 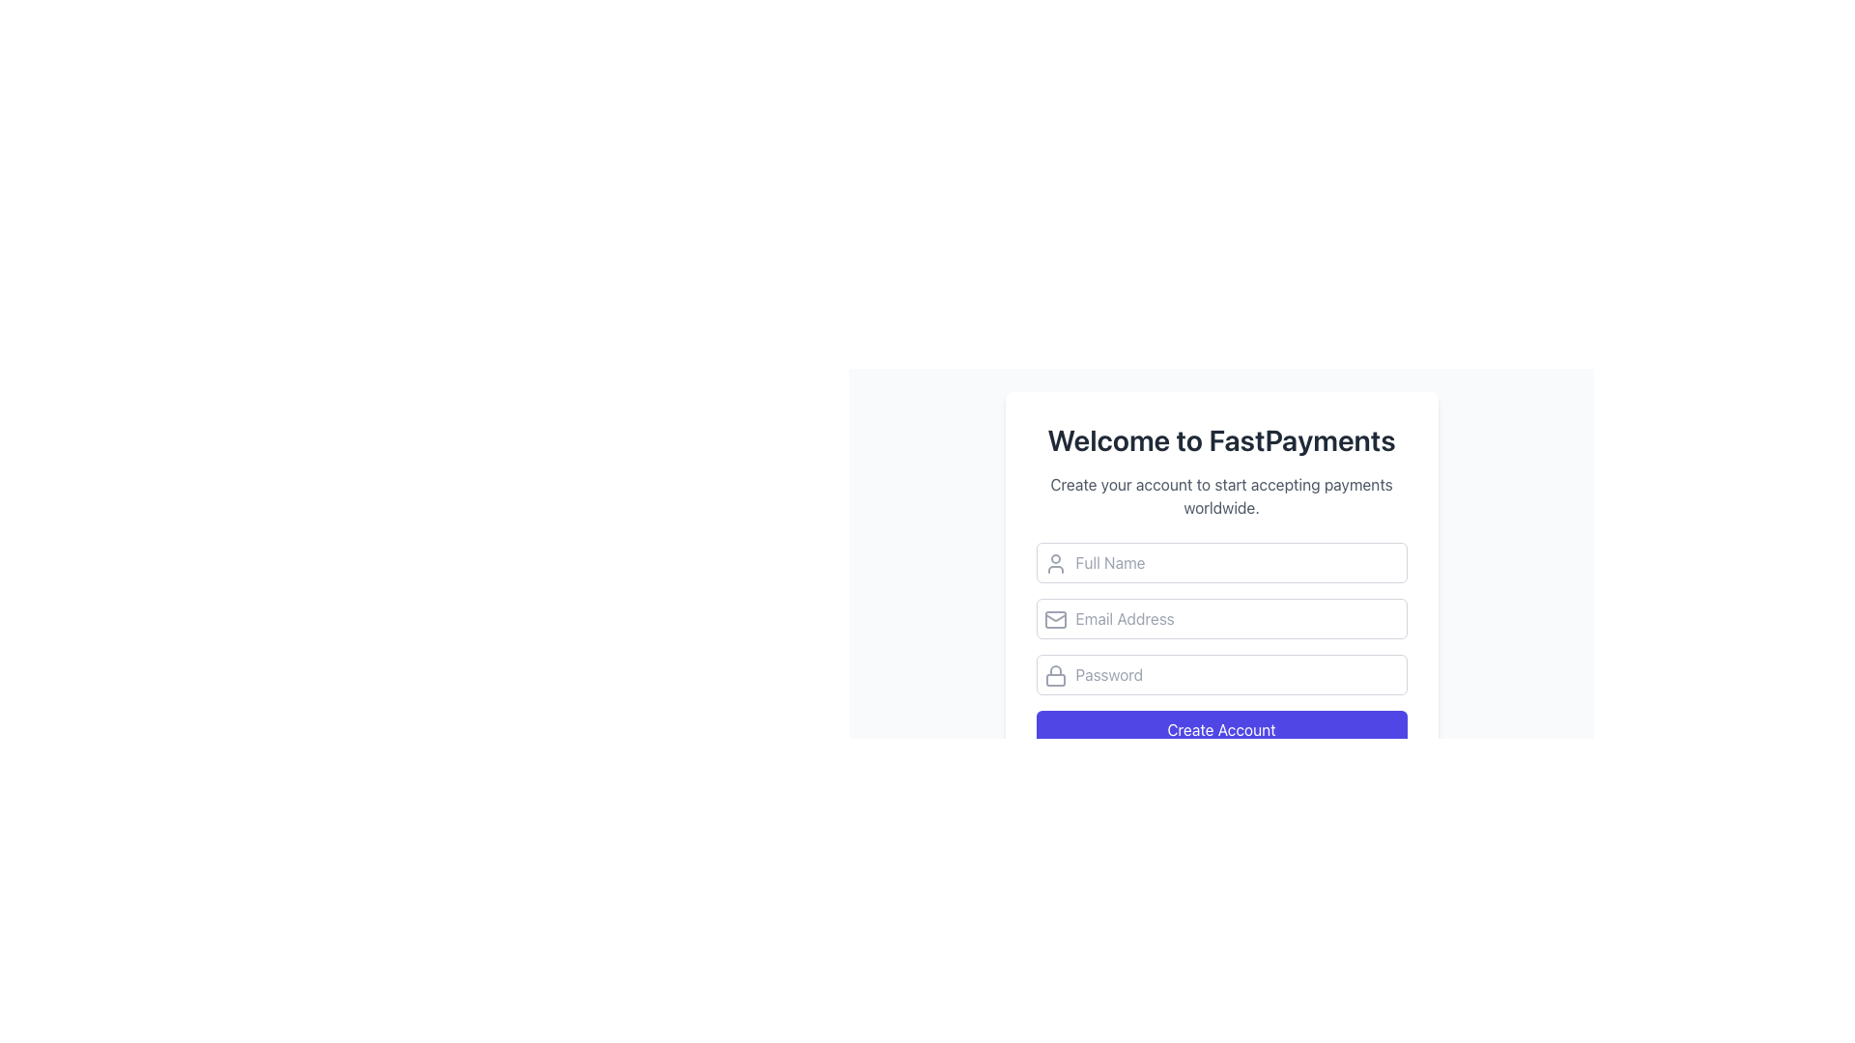 I want to click on the rectangular graphical element within the SVG mail icon, which is styled in gray tones and located to the left of the 'Email Address' input field, so click(x=1054, y=619).